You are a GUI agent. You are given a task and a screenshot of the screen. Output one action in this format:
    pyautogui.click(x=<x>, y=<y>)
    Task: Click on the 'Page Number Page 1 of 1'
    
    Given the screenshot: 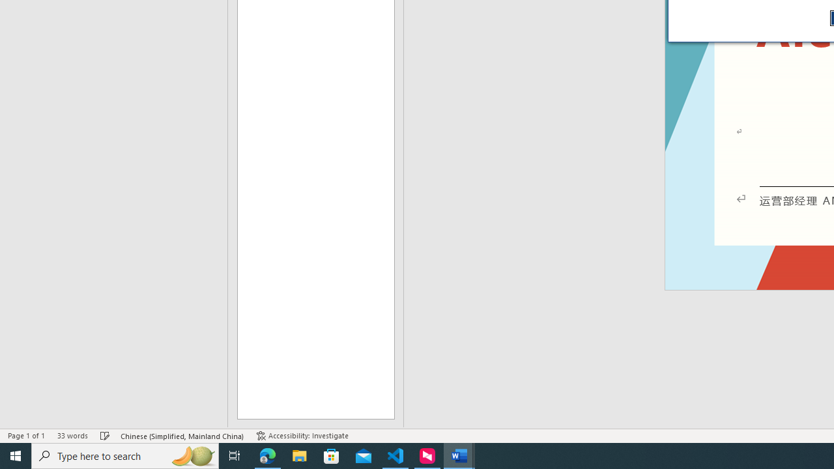 What is the action you would take?
    pyautogui.click(x=26, y=436)
    